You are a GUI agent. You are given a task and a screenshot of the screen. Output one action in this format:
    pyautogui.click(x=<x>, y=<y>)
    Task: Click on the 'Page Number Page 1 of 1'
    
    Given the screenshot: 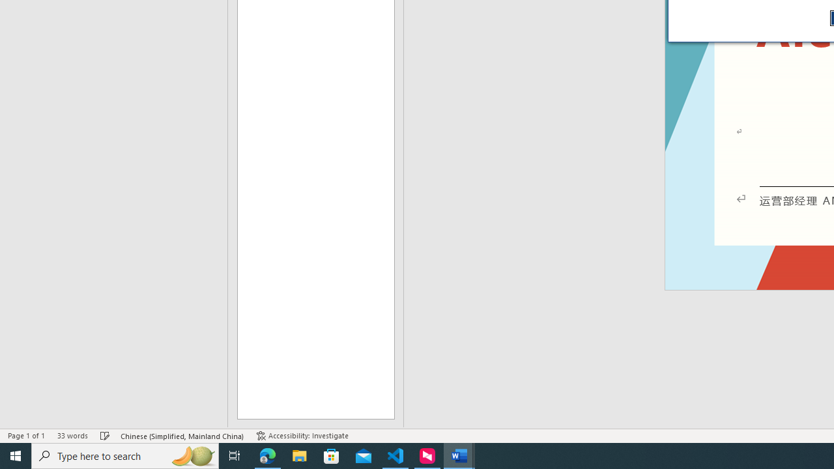 What is the action you would take?
    pyautogui.click(x=26, y=436)
    